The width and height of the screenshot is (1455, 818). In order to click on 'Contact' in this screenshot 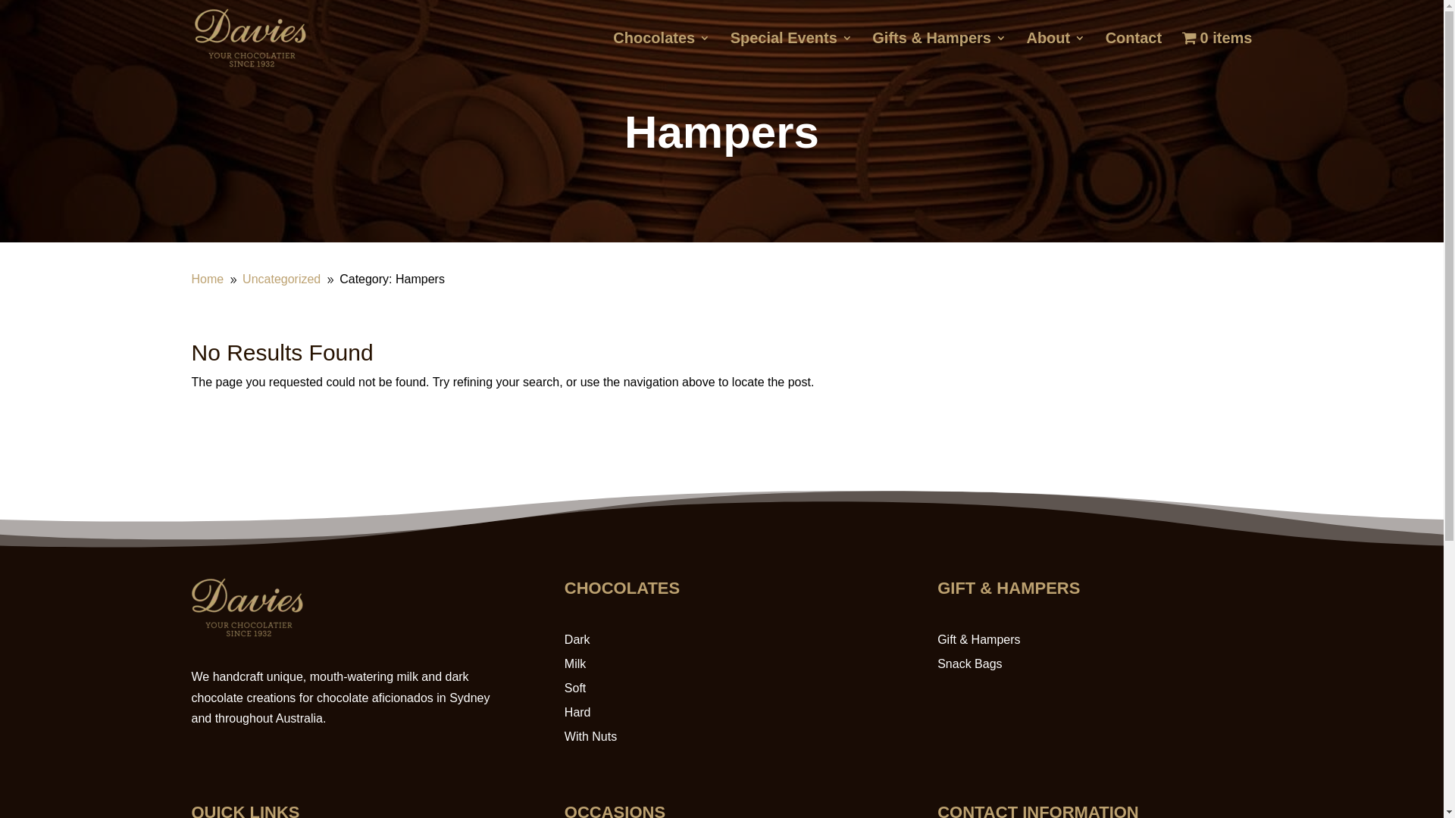, I will do `click(1134, 52)`.